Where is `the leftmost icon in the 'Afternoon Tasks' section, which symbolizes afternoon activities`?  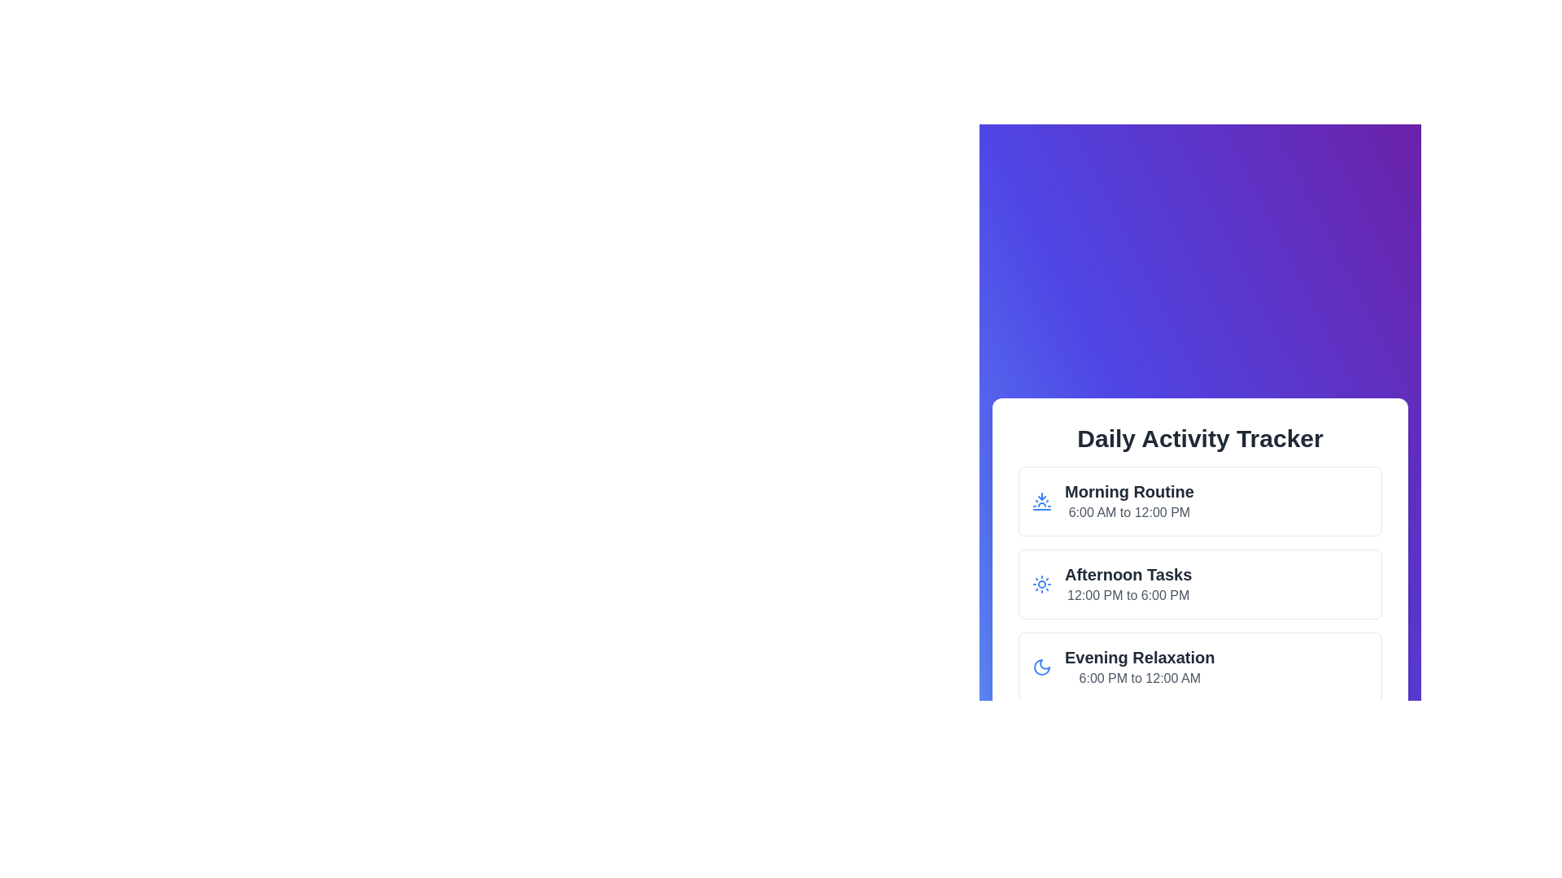
the leftmost icon in the 'Afternoon Tasks' section, which symbolizes afternoon activities is located at coordinates (1042, 583).